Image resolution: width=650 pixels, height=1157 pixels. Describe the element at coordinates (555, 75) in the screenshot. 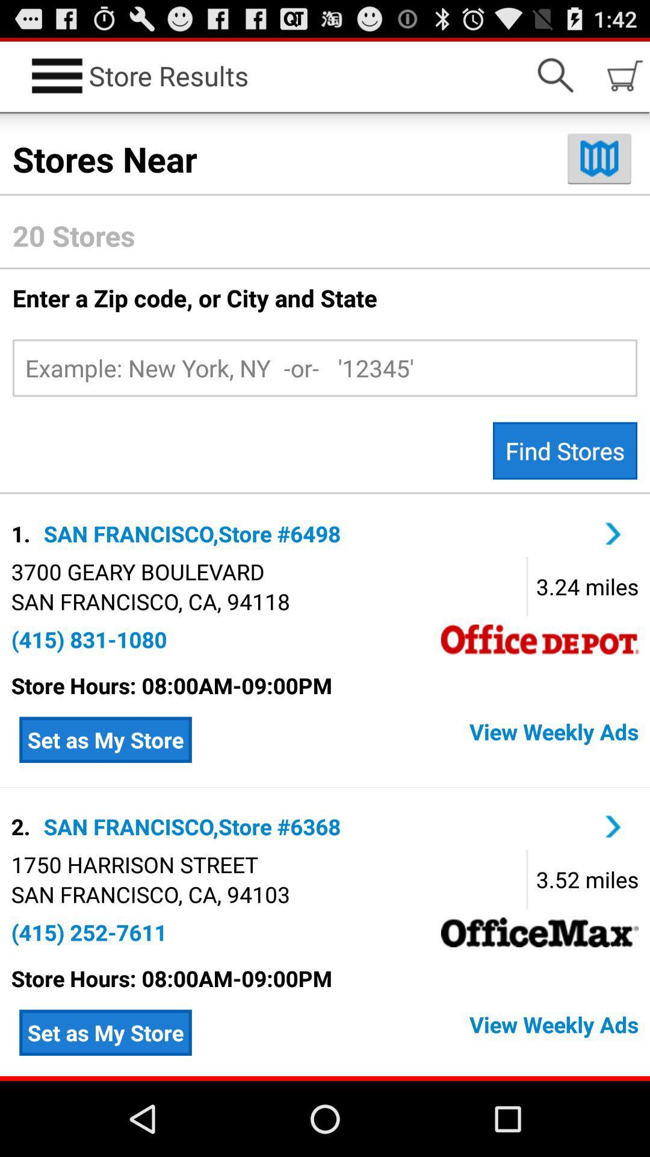

I see `search icon` at that location.